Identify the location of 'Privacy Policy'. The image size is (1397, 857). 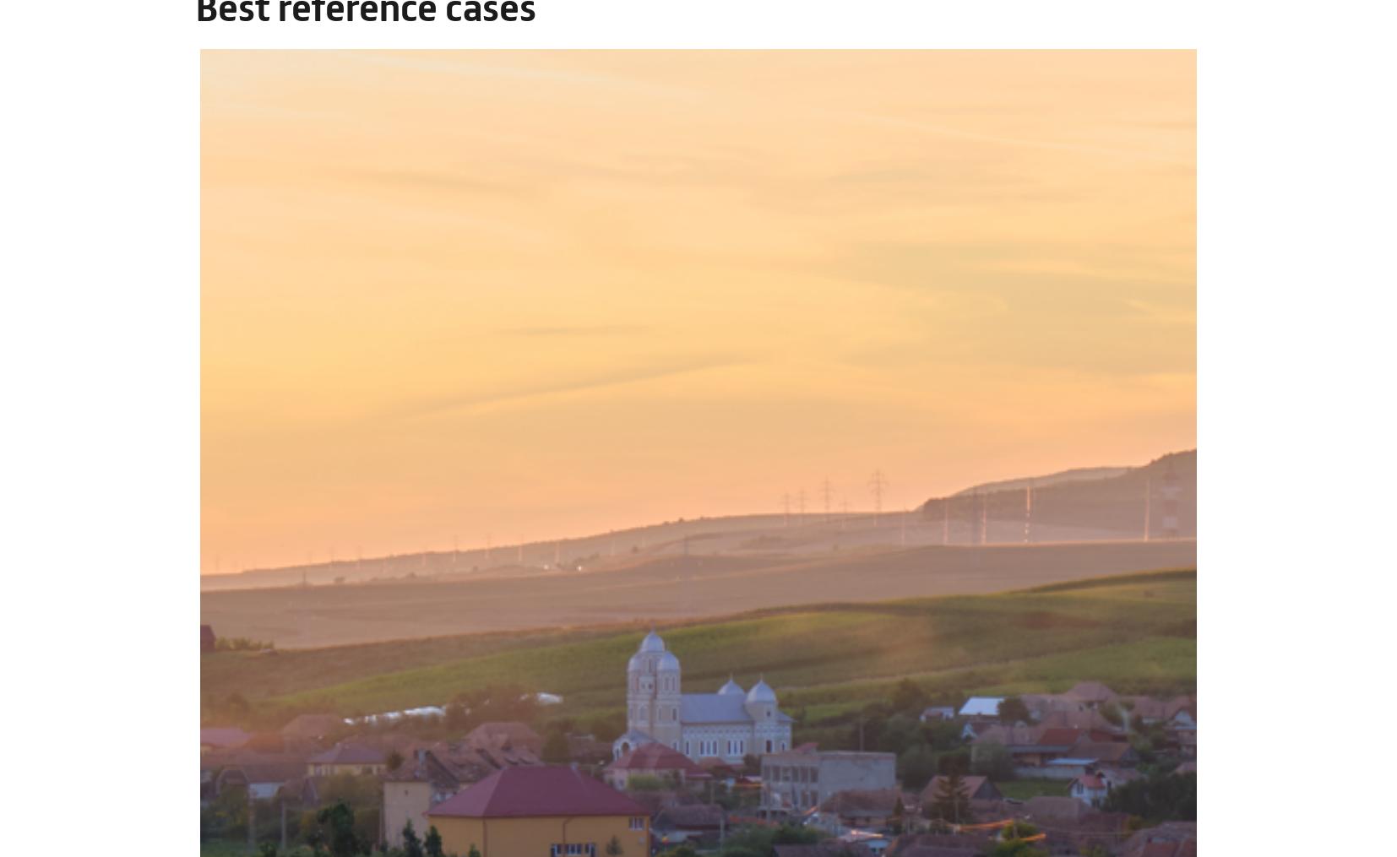
(550, 750).